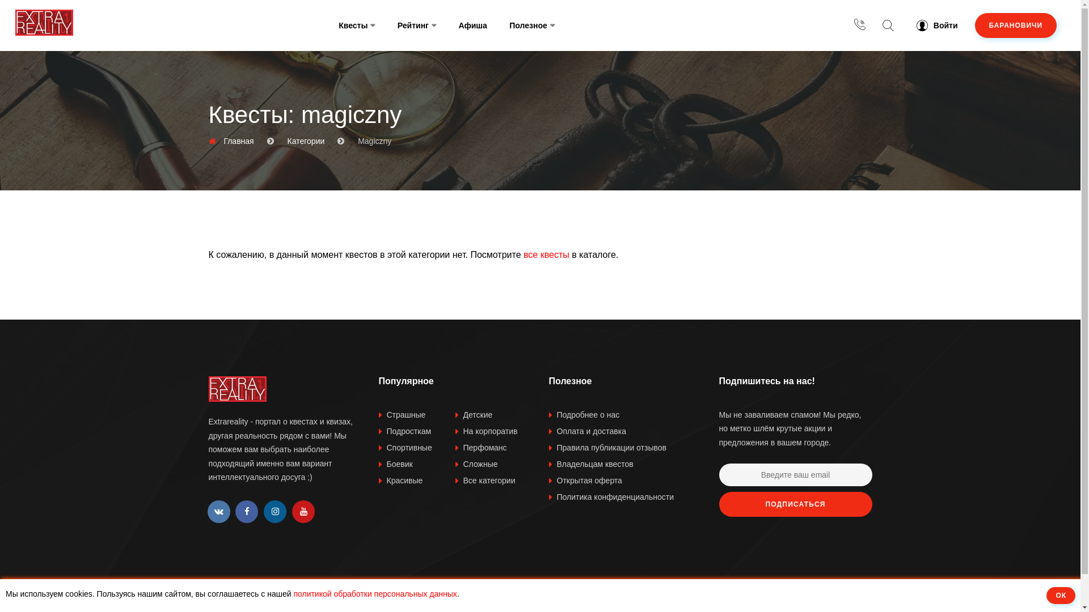  What do you see at coordinates (303, 511) in the screenshot?
I see `'Extrareality Youtube'` at bounding box center [303, 511].